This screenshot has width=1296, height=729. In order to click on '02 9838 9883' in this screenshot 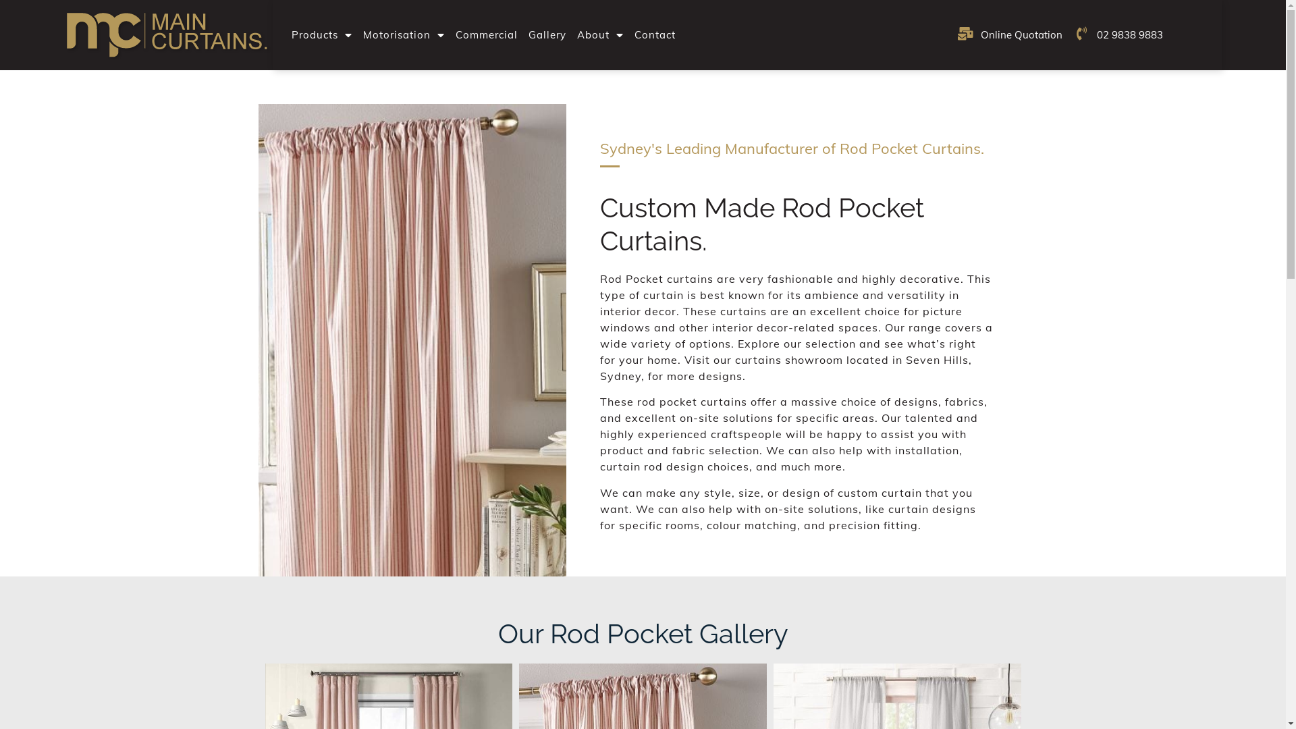, I will do `click(1118, 34)`.